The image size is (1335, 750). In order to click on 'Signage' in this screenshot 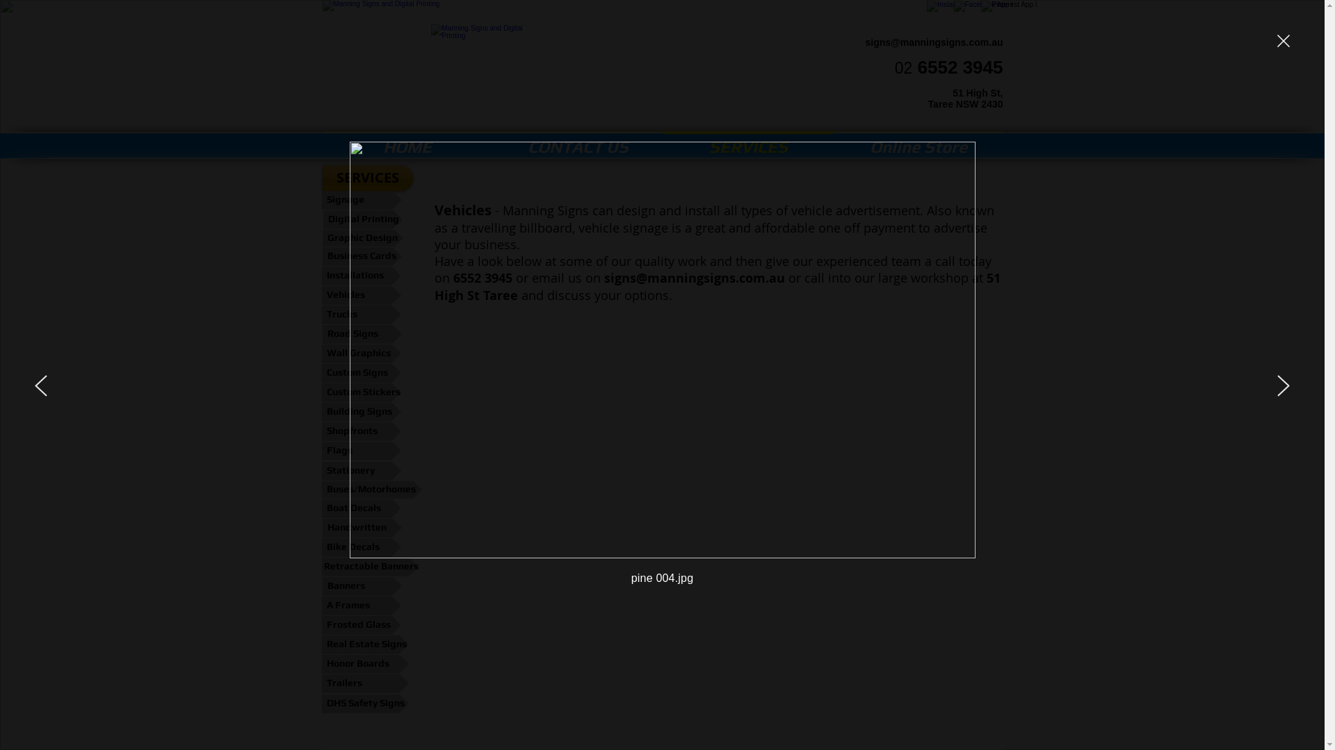, I will do `click(361, 199)`.